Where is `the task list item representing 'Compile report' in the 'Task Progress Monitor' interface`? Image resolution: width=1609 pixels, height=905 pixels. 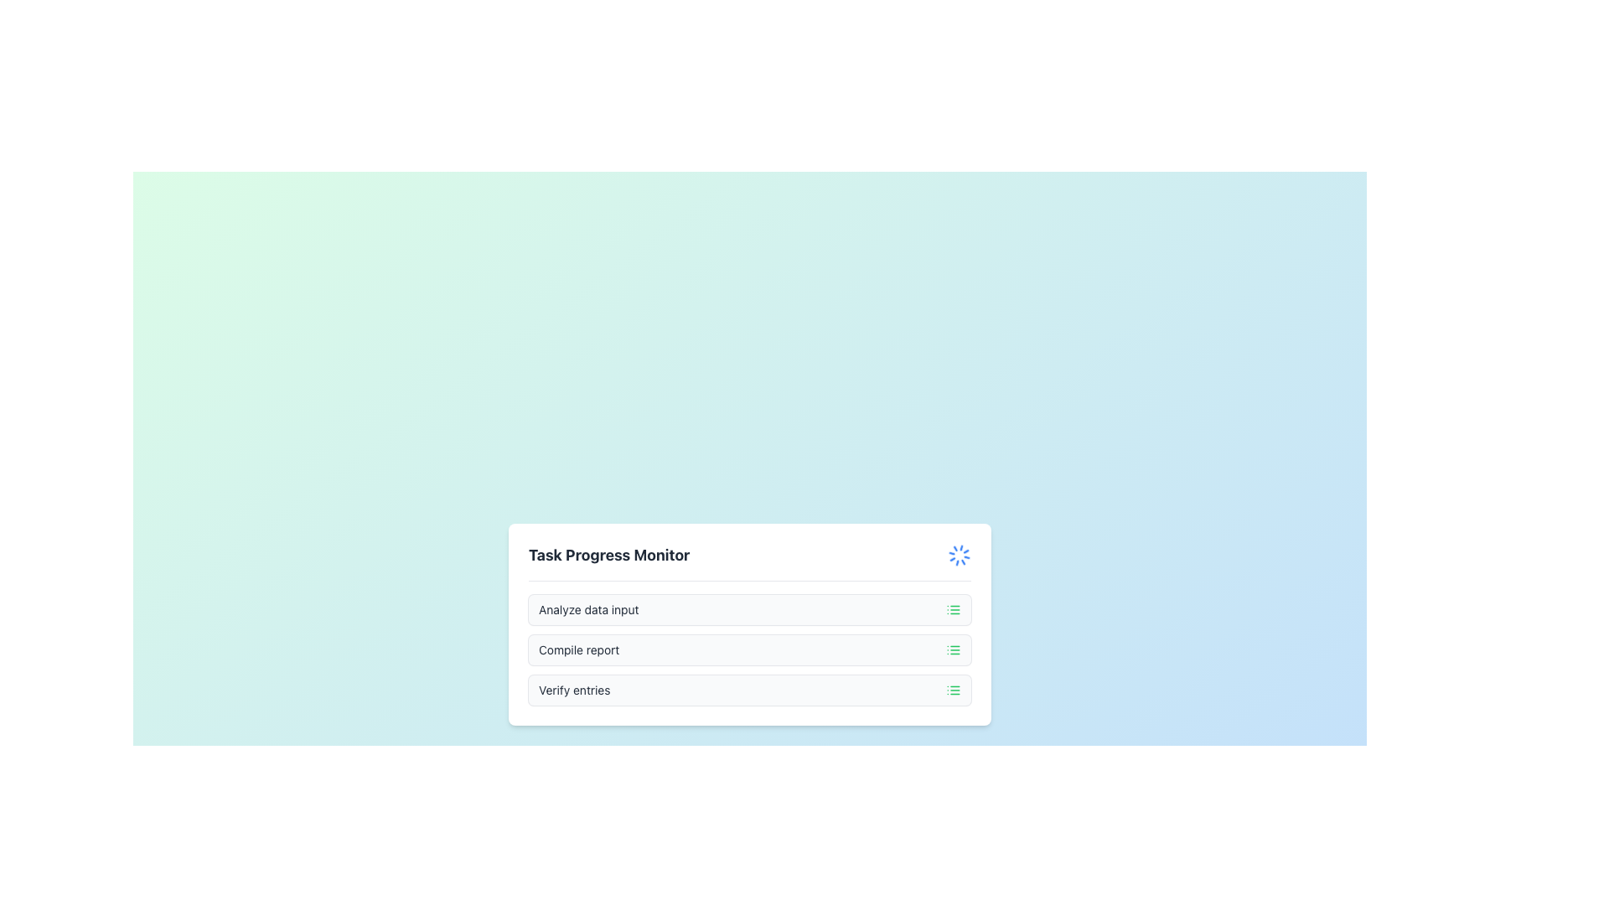 the task list item representing 'Compile report' in the 'Task Progress Monitor' interface is located at coordinates (748, 649).